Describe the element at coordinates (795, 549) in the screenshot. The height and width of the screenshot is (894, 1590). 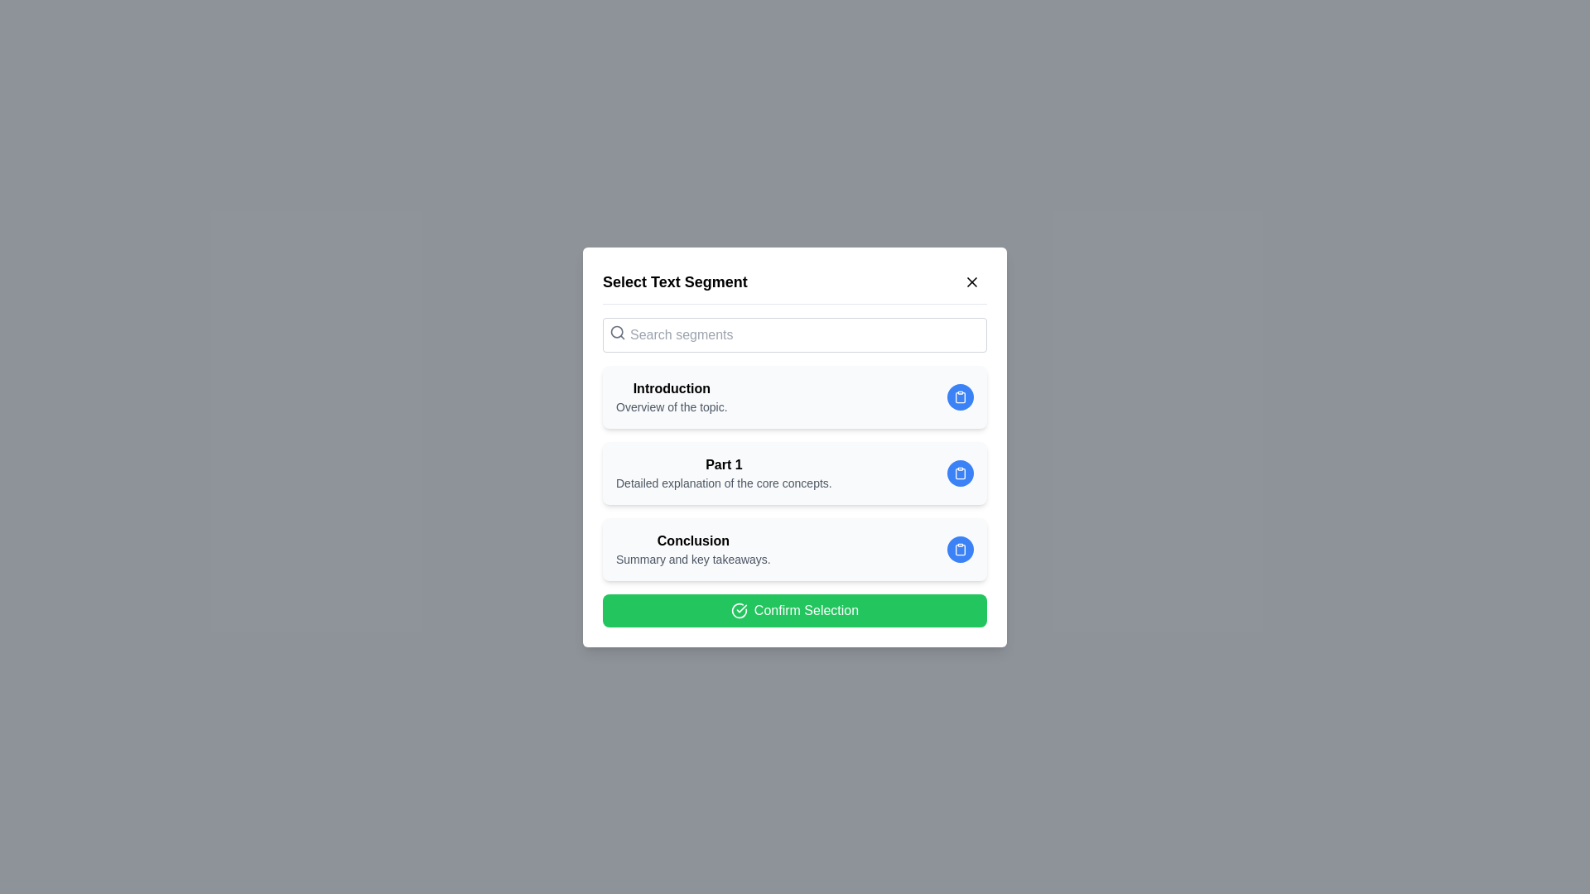
I see `the segment with title Conclusion to view its details` at that location.